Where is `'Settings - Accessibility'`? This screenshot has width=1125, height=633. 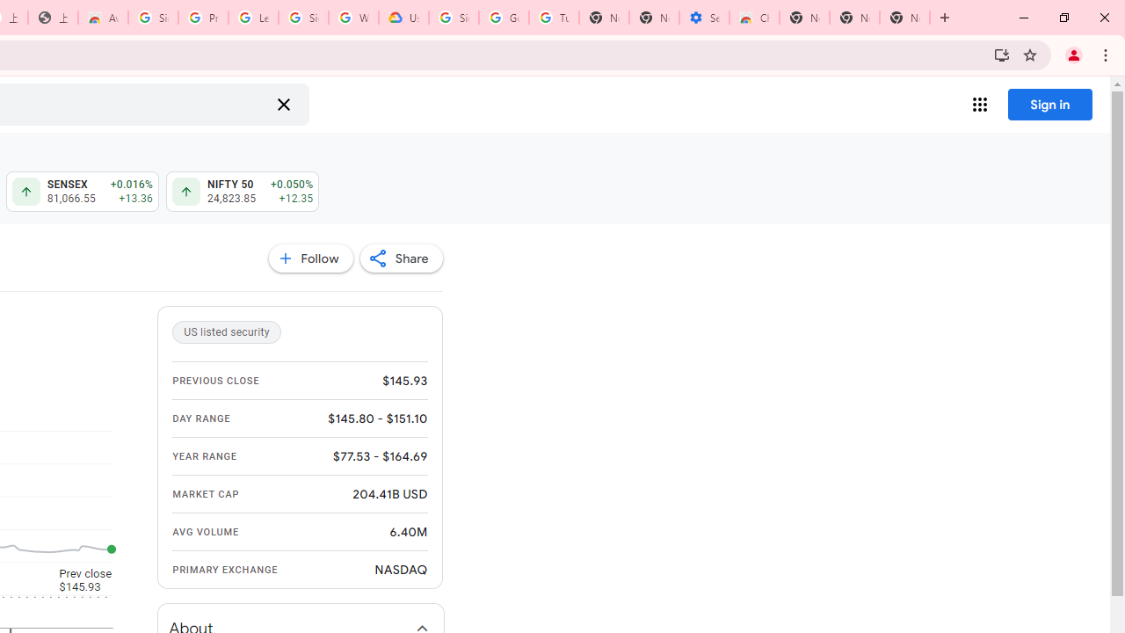 'Settings - Accessibility' is located at coordinates (704, 18).